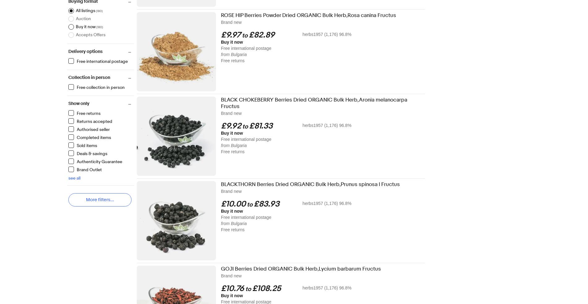 This screenshot has width=588, height=304. I want to click on '£81.33', so click(261, 126).